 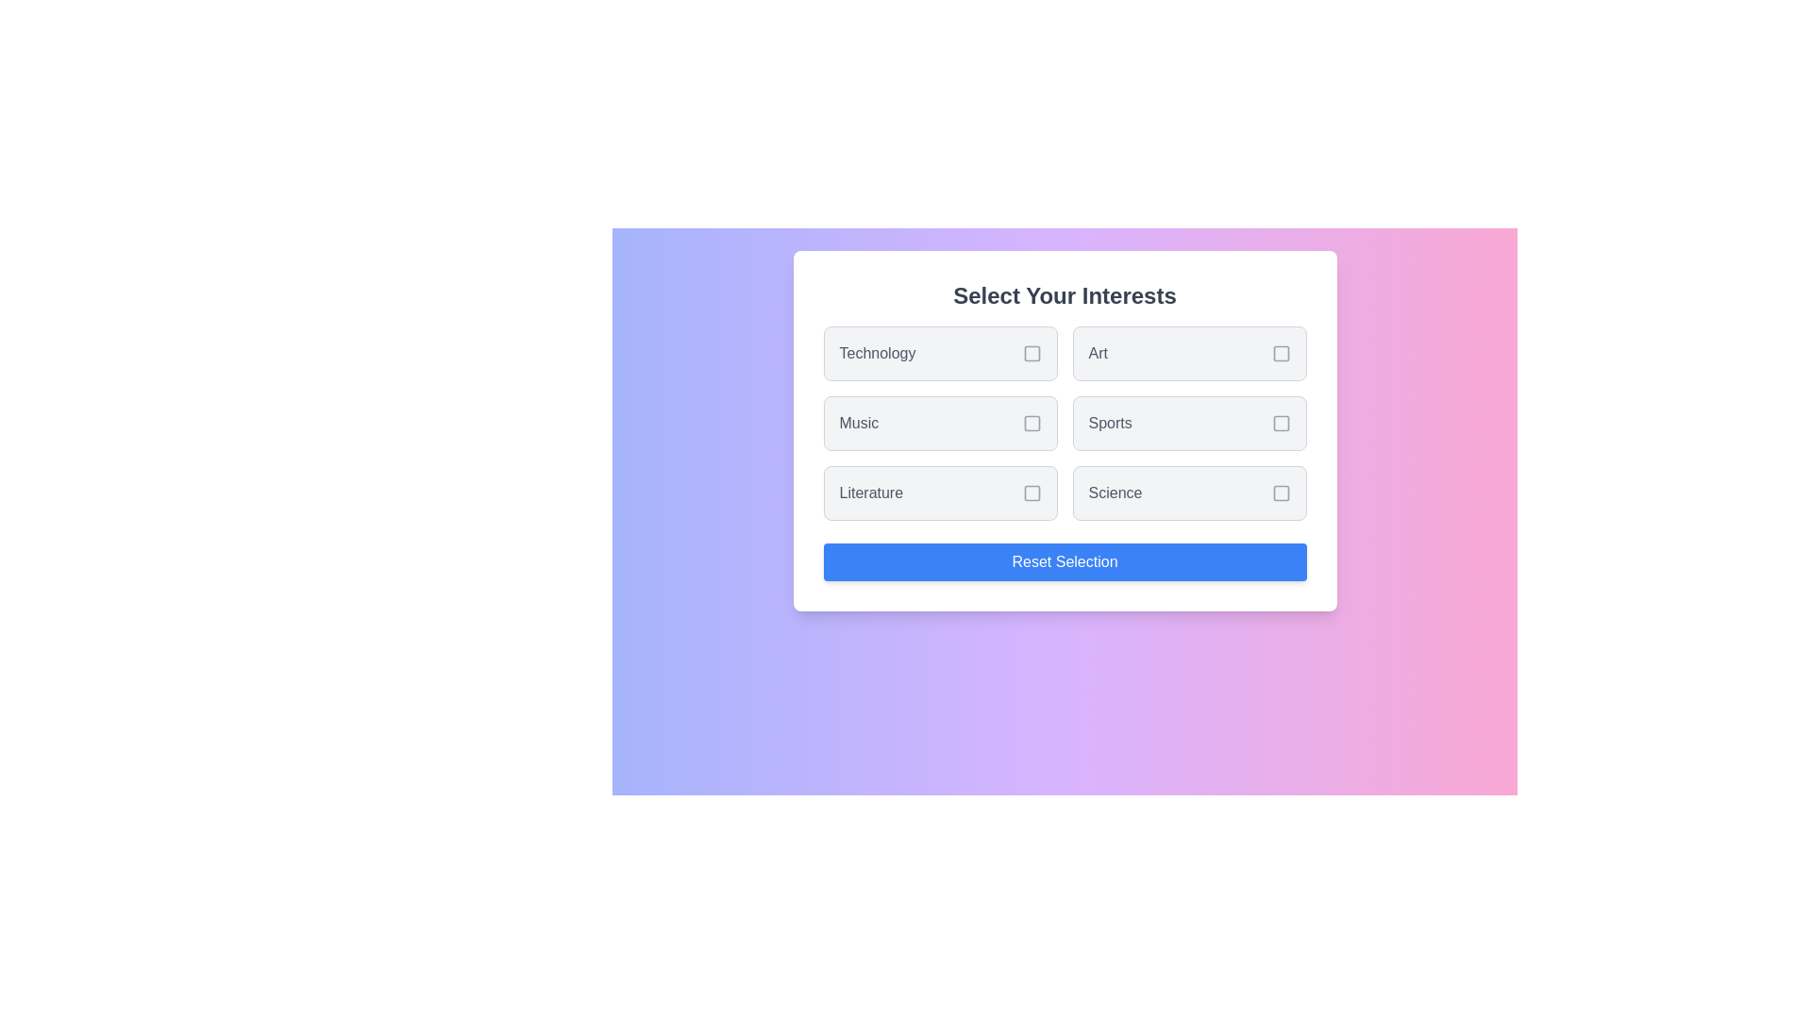 I want to click on the interest item labeled Literature, so click(x=940, y=493).